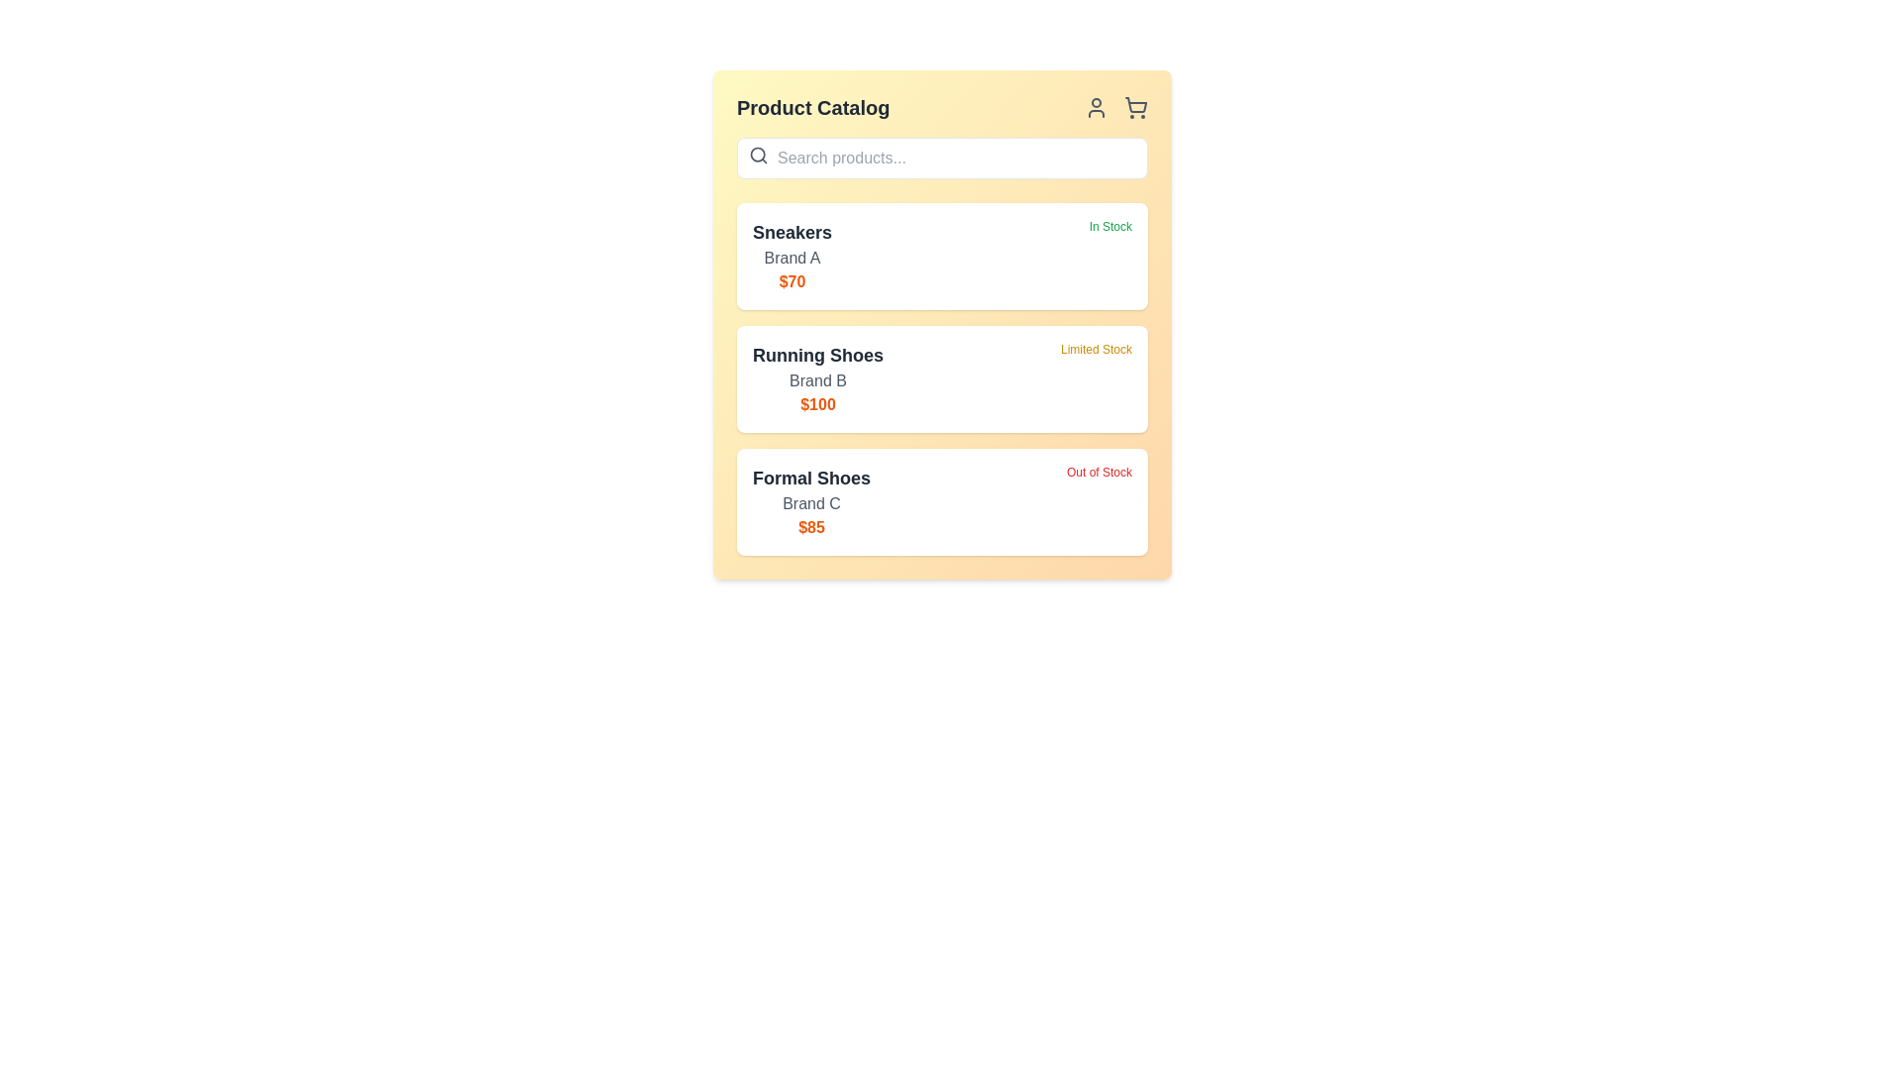 The width and height of the screenshot is (1902, 1070). I want to click on the circular shape located at the top-left corner of the search bar, which is part of the search magnifying glass icon, so click(757, 154).